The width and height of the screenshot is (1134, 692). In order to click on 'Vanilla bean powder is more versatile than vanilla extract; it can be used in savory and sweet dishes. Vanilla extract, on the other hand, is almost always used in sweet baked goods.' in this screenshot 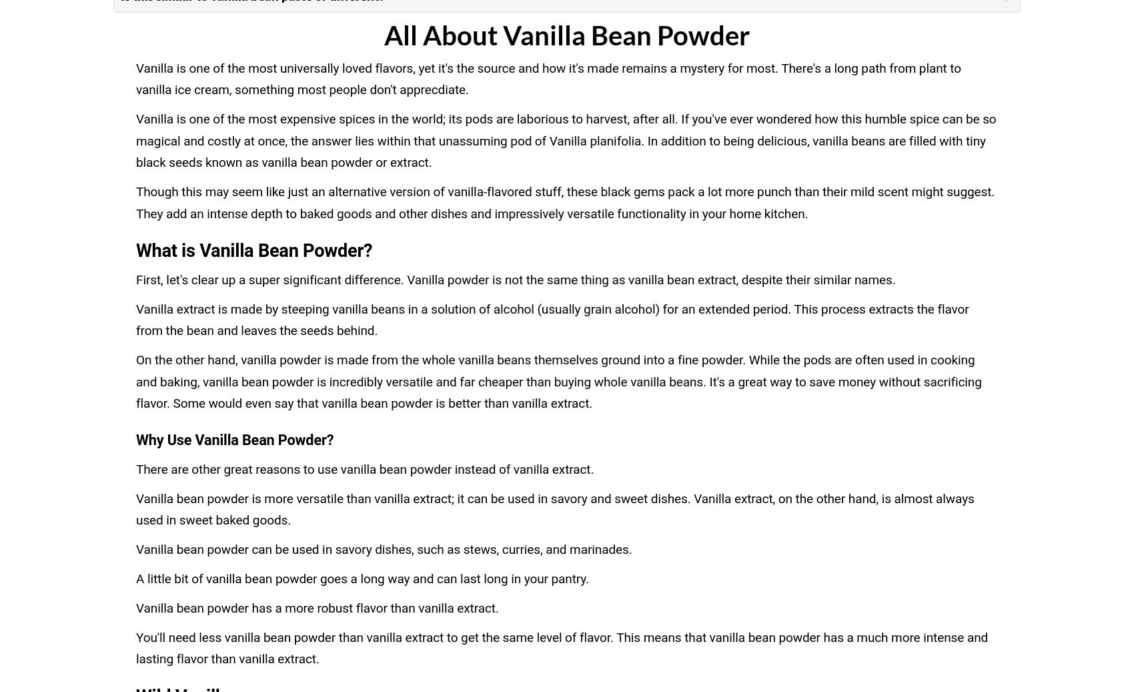, I will do `click(554, 509)`.